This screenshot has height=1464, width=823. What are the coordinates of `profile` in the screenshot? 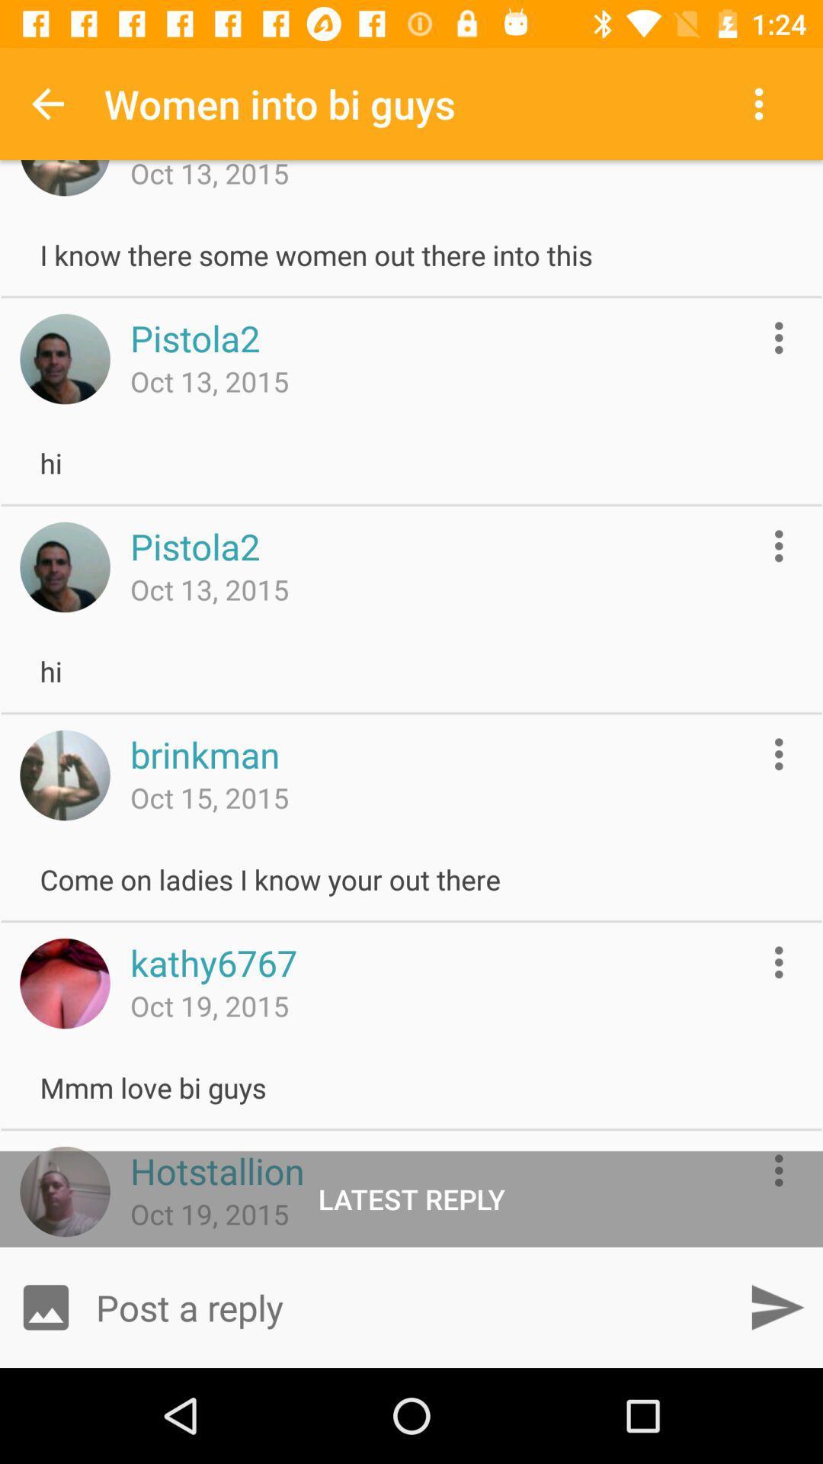 It's located at (64, 1191).